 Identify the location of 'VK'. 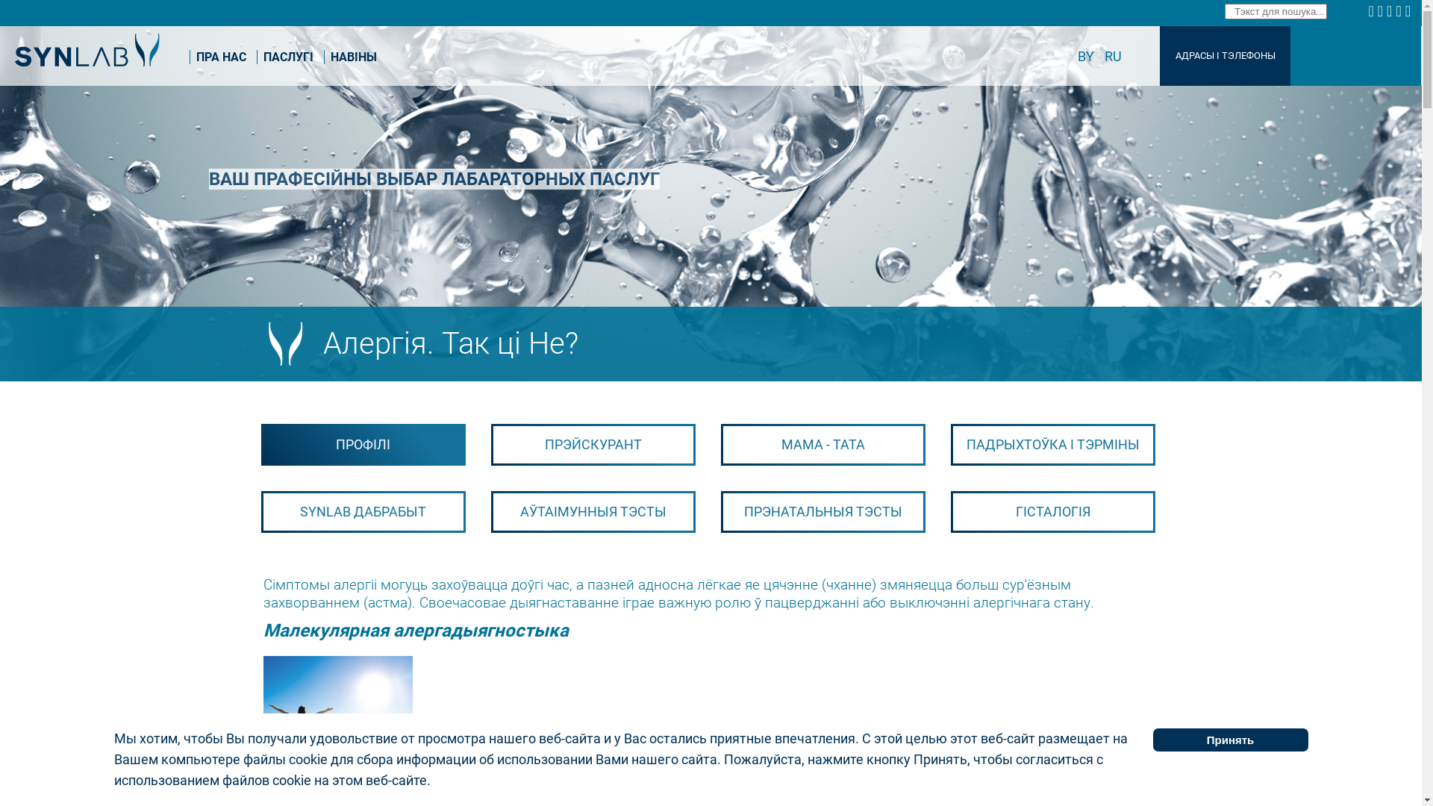
(1382, 11).